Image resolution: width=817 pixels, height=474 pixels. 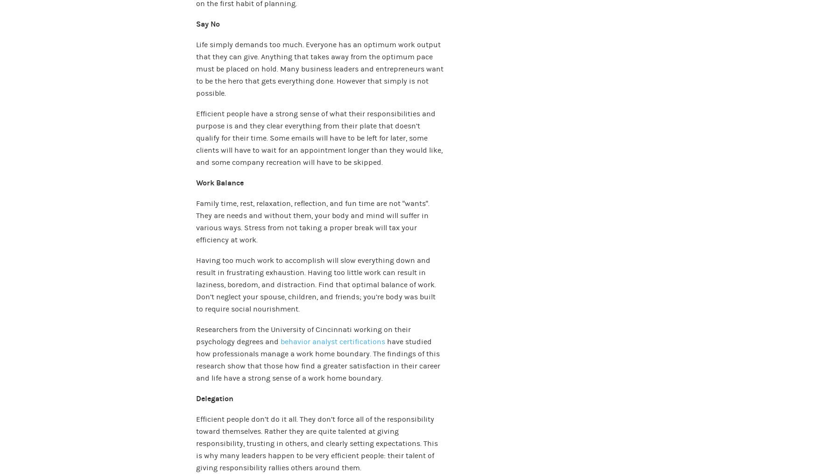 What do you see at coordinates (196, 284) in the screenshot?
I see `'Having too much work to accomplish will slow everything down and result in frustrating exhaustion. Having too little work can result in laziness, boredom, and distraction. Find that optimal balance of work. Don’t neglect your spouse, children, and friends; you’re body was built to require social nourishment.'` at bounding box center [196, 284].